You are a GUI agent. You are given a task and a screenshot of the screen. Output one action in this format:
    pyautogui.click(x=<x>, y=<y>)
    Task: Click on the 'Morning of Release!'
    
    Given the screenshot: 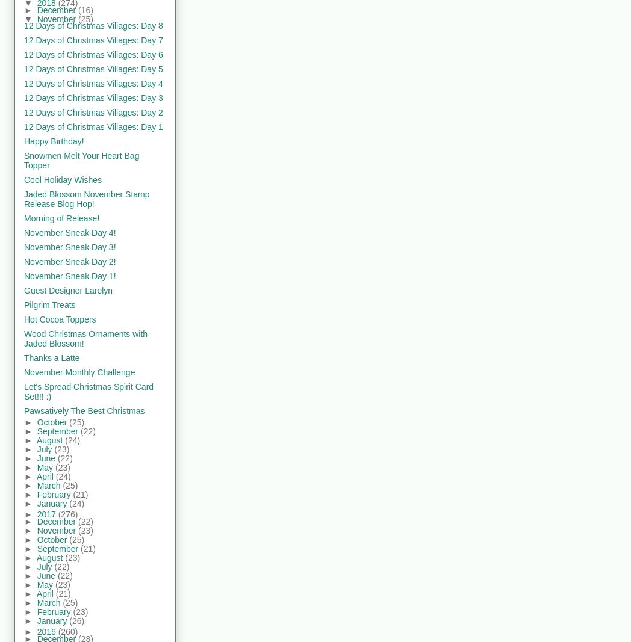 What is the action you would take?
    pyautogui.click(x=61, y=217)
    